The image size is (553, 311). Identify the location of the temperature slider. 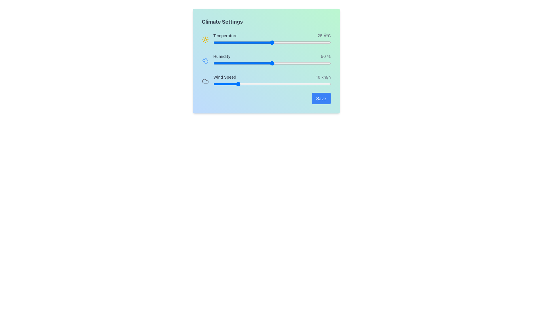
(257, 42).